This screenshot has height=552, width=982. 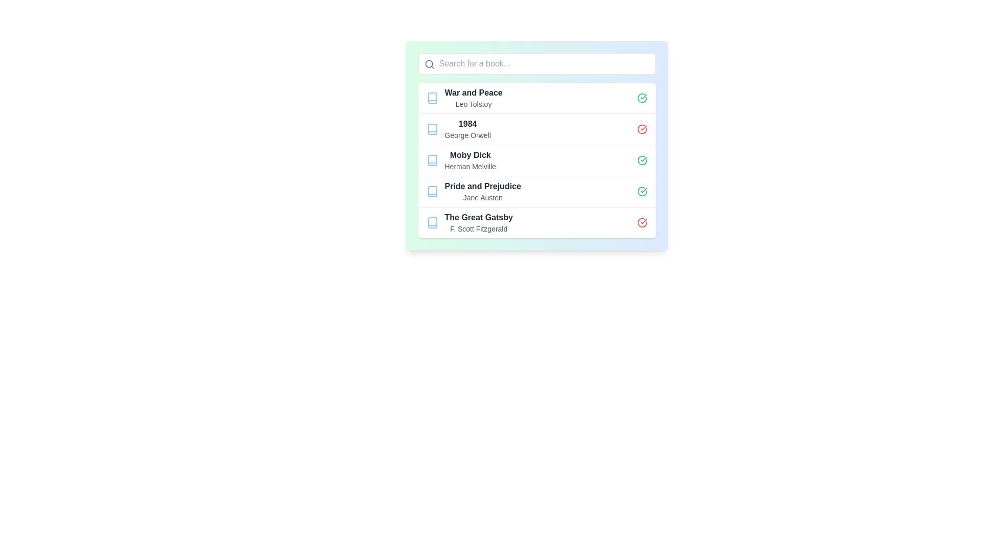 What do you see at coordinates (432, 222) in the screenshot?
I see `the book icon styled in light blue that is adjacent to the text 'The Great Gatsby' and 'F. Scott Fitzgerald'` at bounding box center [432, 222].